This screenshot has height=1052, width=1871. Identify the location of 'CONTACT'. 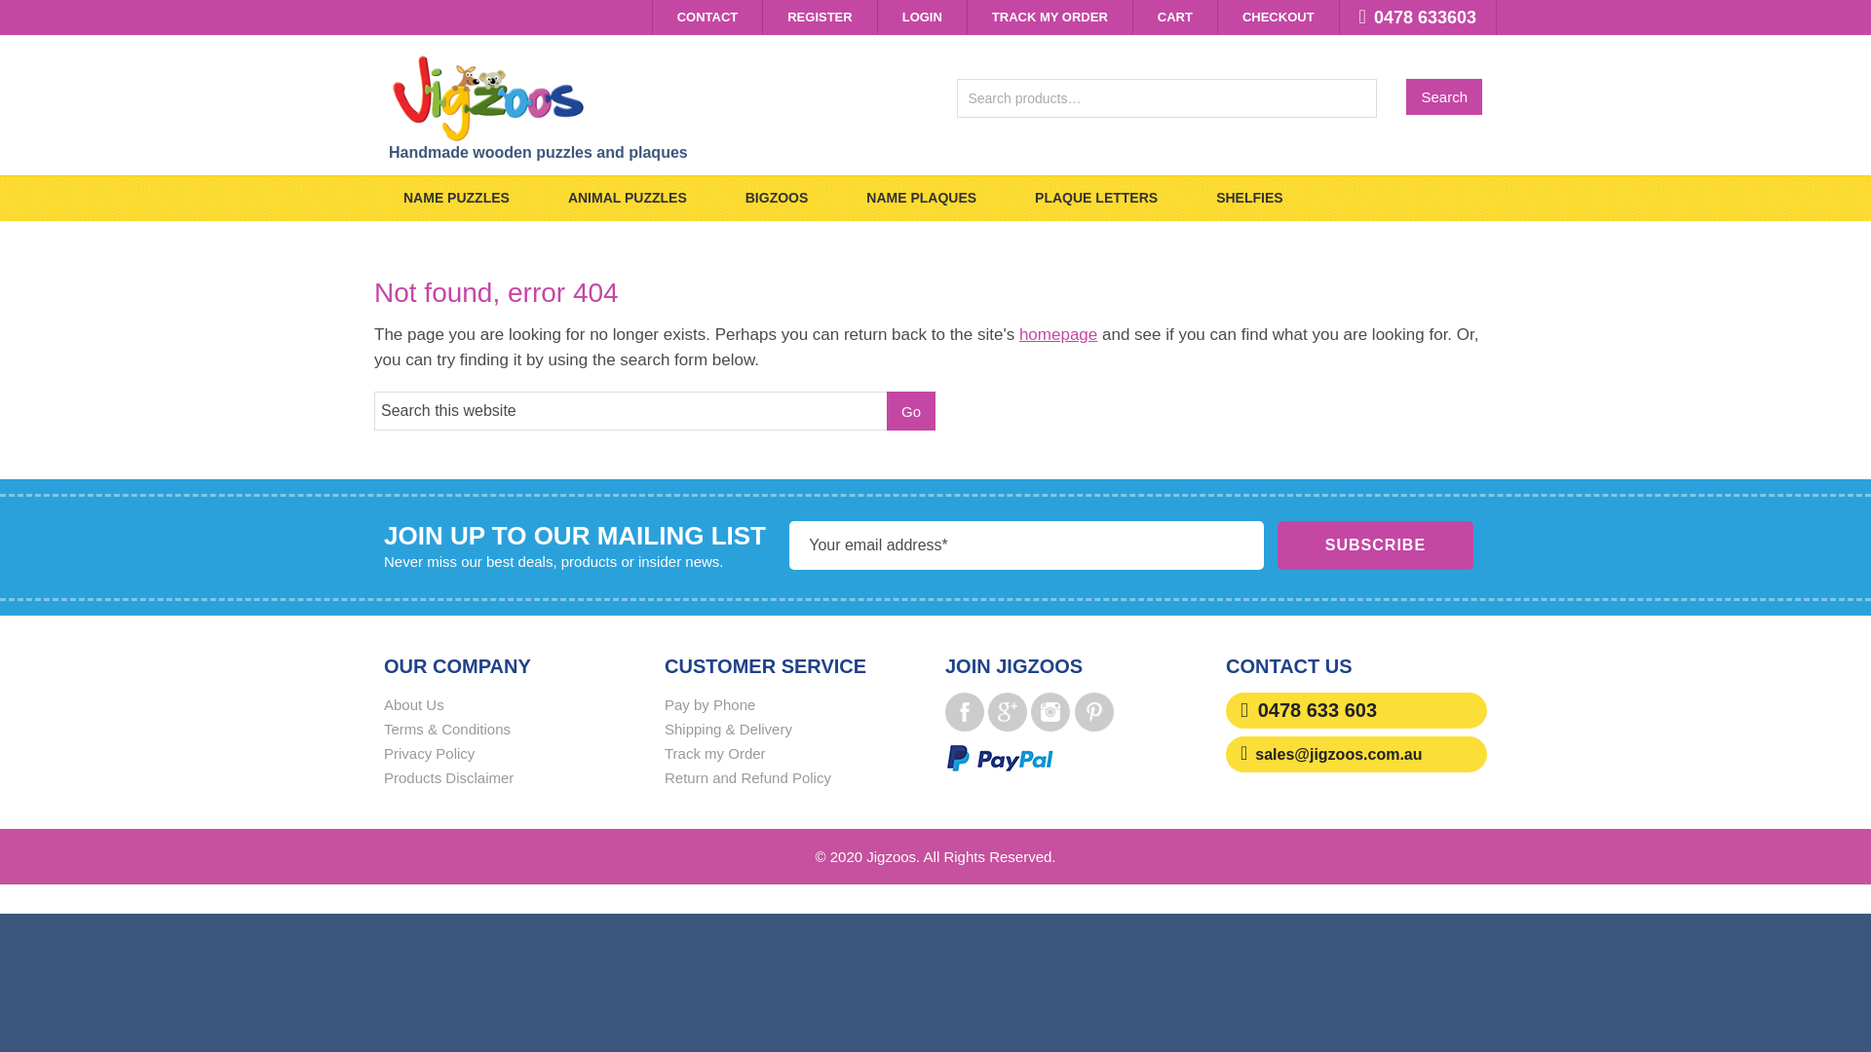
(706, 17).